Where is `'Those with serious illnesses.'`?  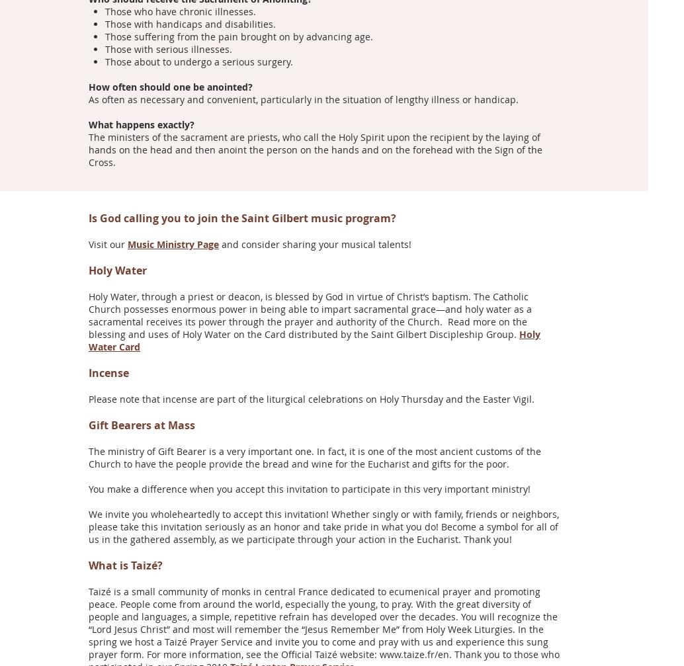
'Those with serious illnesses.' is located at coordinates (168, 48).